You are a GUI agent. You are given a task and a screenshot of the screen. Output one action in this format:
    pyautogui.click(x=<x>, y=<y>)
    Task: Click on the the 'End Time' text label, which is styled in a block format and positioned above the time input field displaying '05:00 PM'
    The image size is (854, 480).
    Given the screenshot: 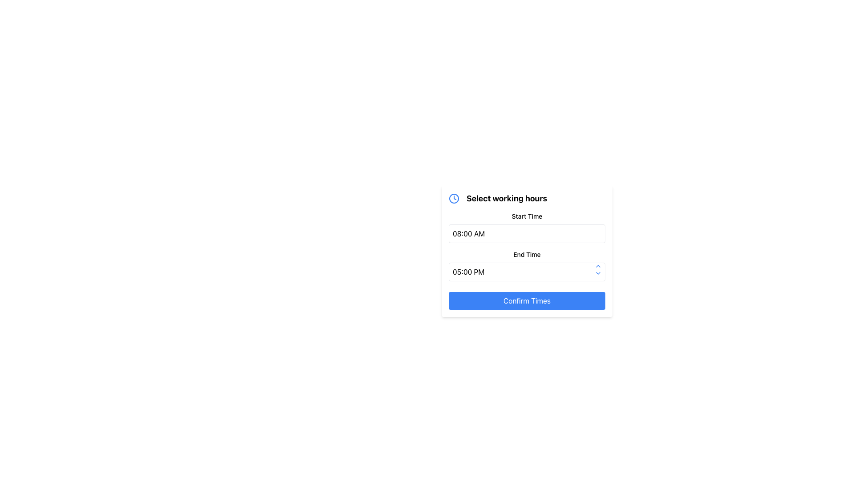 What is the action you would take?
    pyautogui.click(x=527, y=255)
    